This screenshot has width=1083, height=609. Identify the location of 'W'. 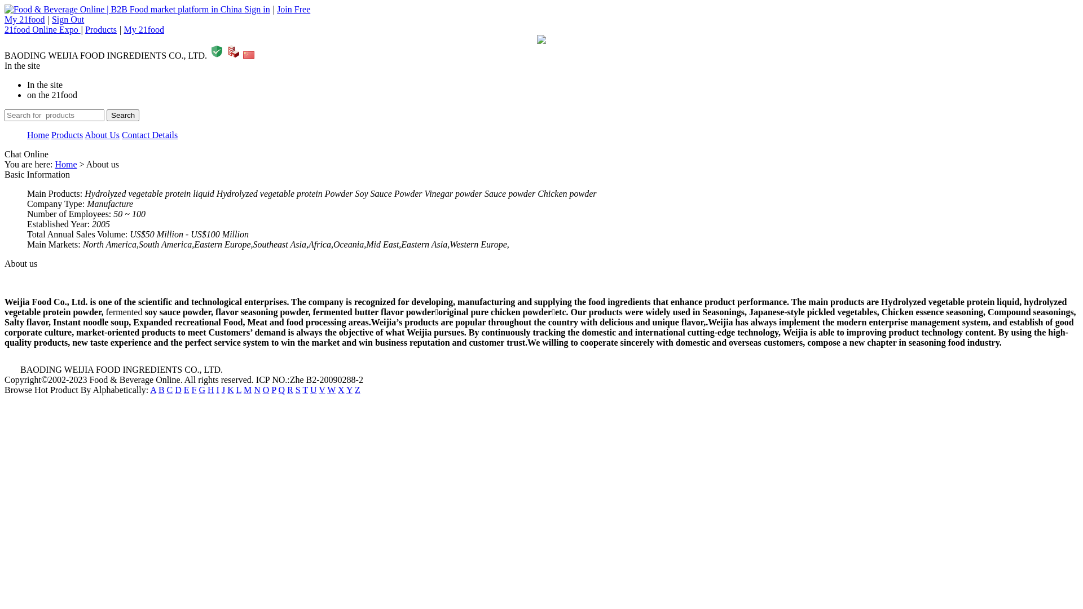
(331, 389).